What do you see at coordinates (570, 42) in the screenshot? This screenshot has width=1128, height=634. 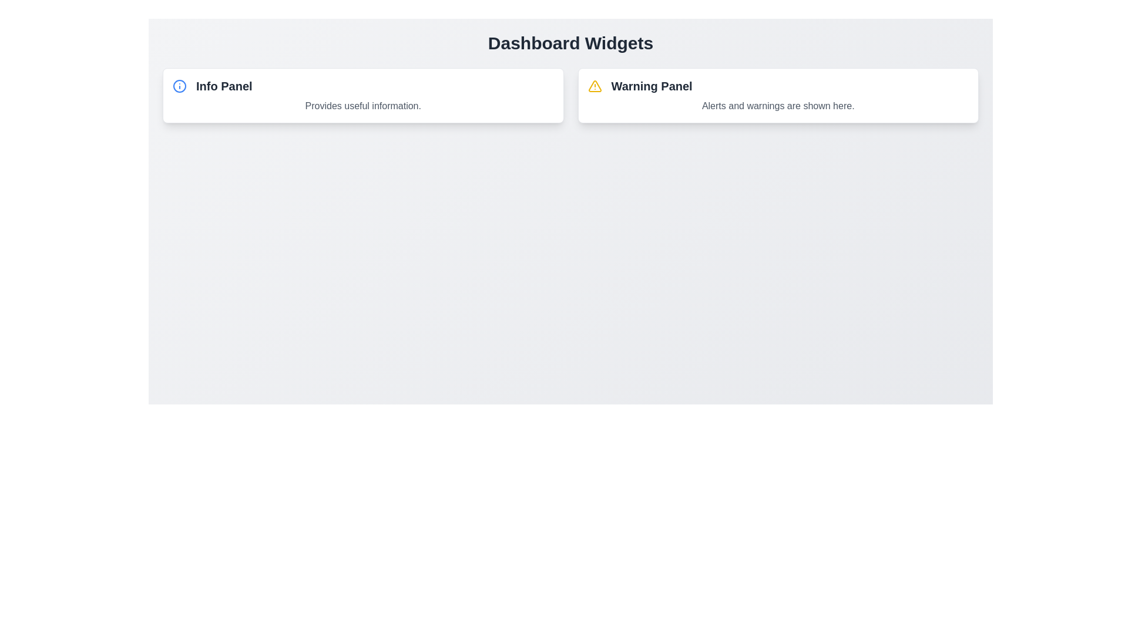 I see `the Static Text Header that serves as the page title, introducing the content and layout of the dashboard page` at bounding box center [570, 42].